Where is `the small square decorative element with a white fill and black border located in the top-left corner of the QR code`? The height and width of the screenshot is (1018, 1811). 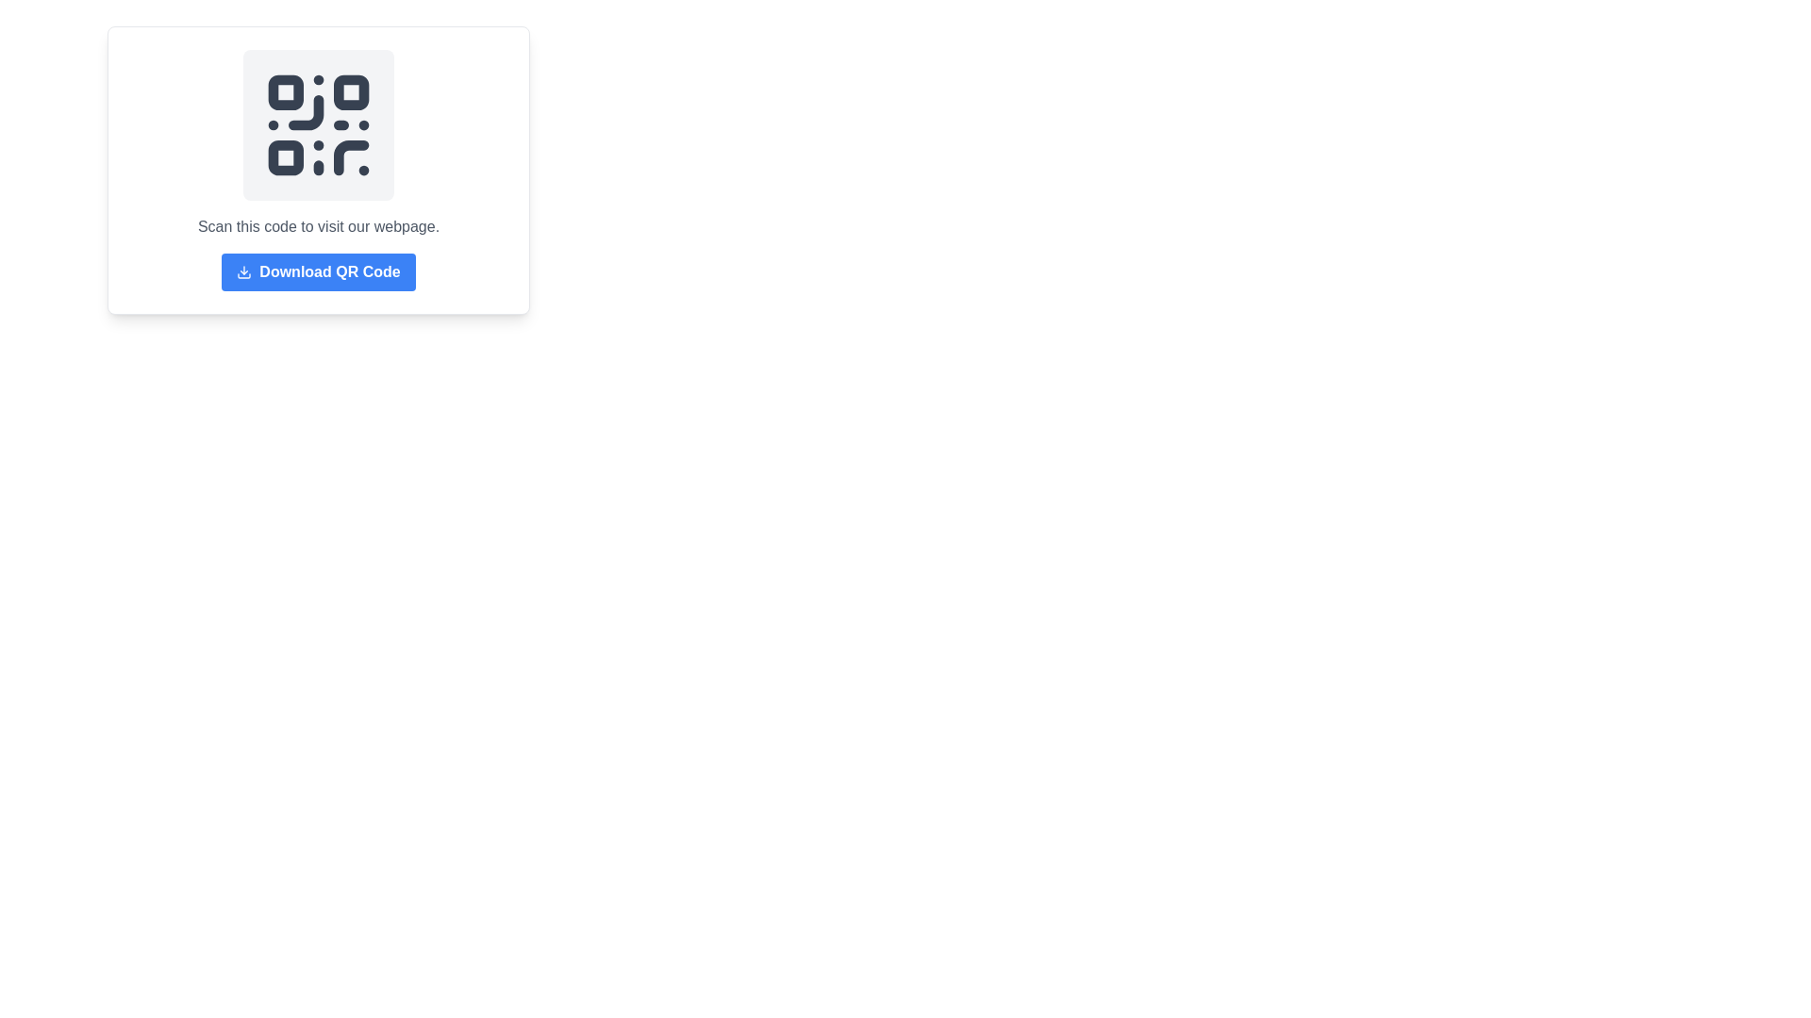 the small square decorative element with a white fill and black border located in the top-left corner of the QR code is located at coordinates (285, 92).